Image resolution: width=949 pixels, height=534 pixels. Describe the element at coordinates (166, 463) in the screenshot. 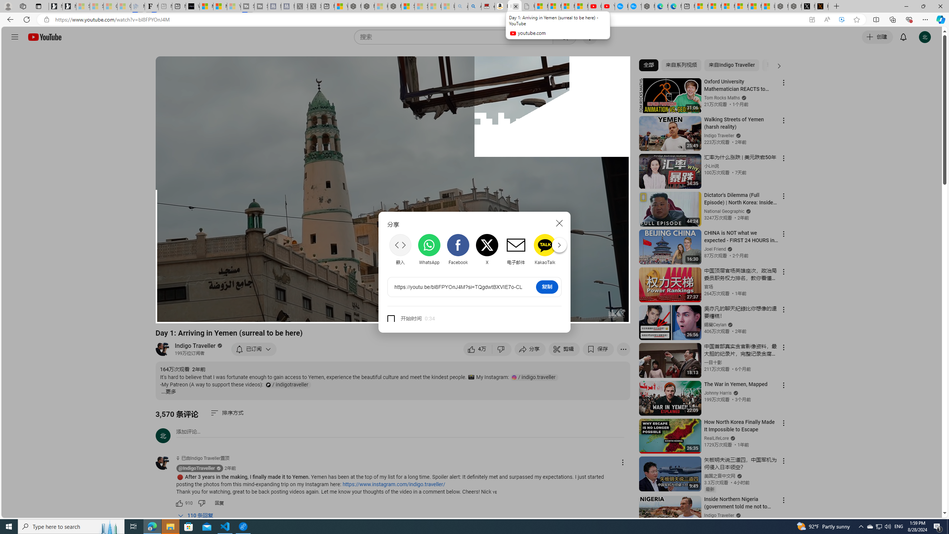

I see `'@IndigoTraveller'` at that location.